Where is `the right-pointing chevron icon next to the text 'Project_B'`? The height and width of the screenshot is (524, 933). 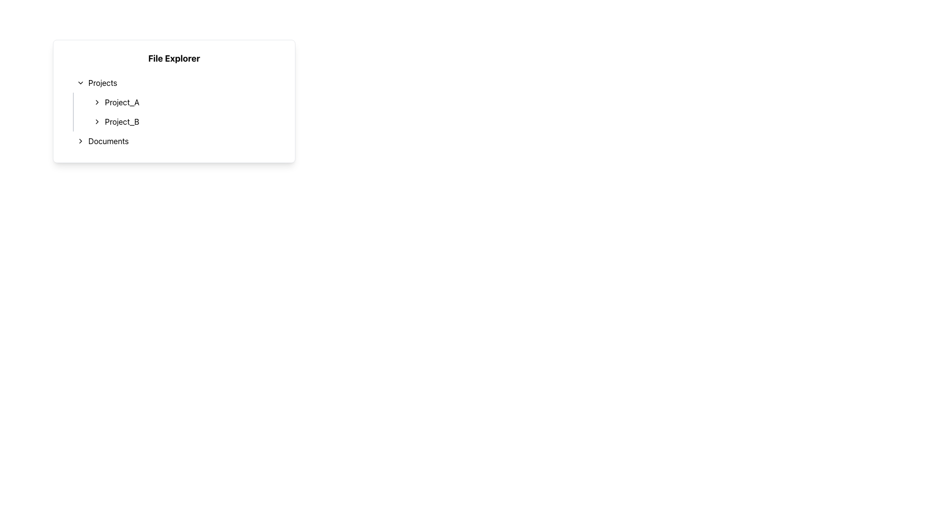
the right-pointing chevron icon next to the text 'Project_B' is located at coordinates (97, 121).